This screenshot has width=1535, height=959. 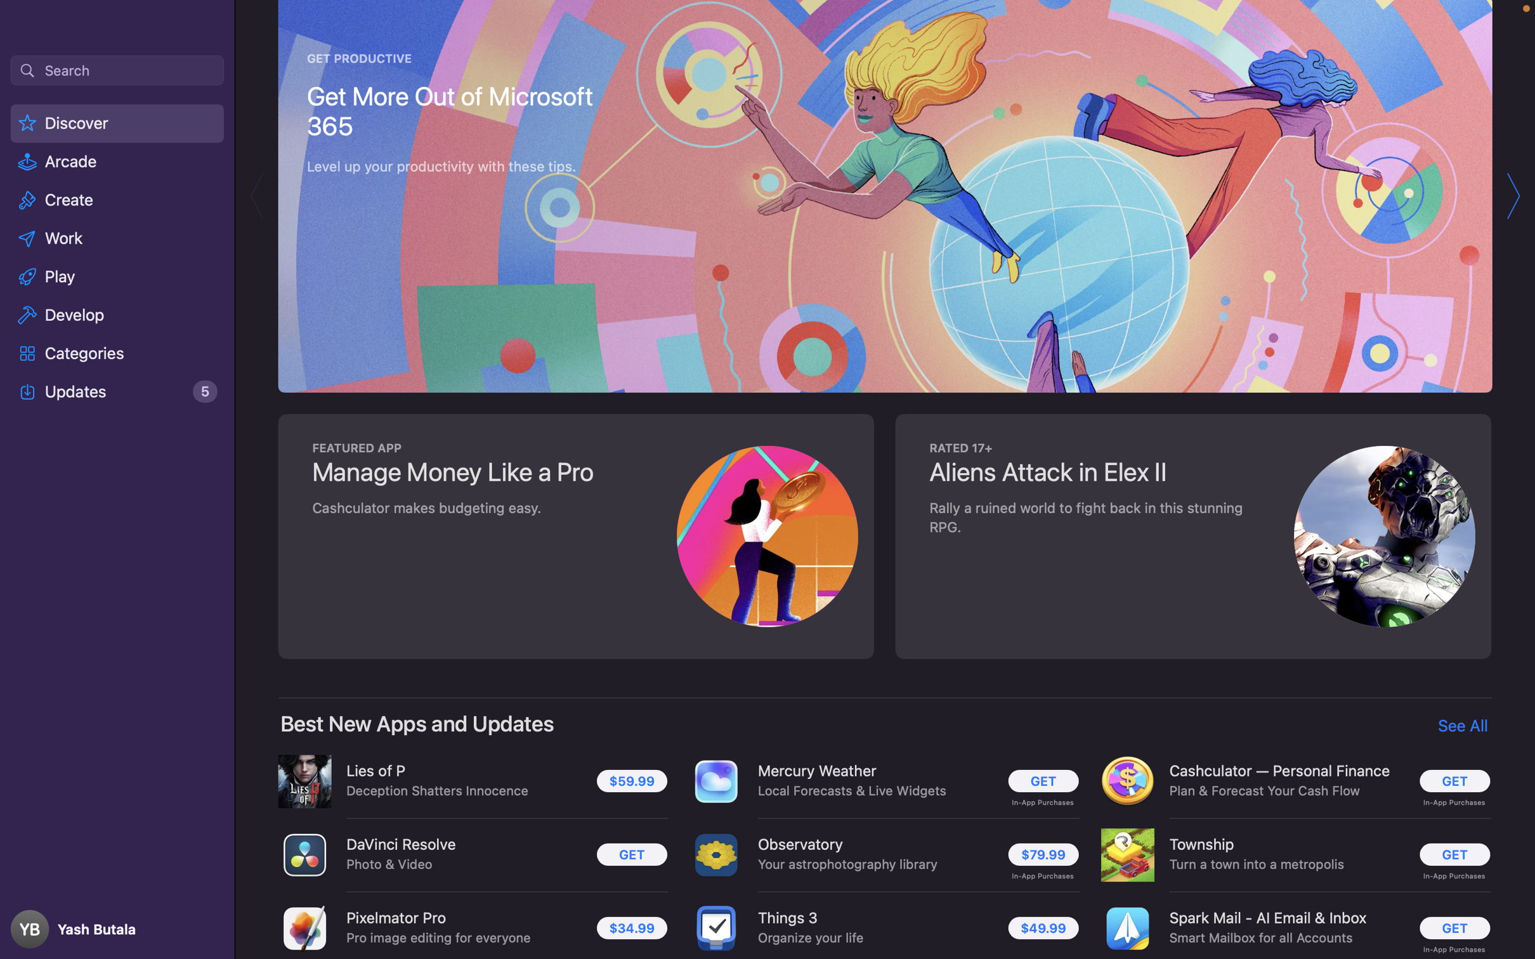 What do you see at coordinates (117, 237) in the screenshot?
I see `work category applications for Mac` at bounding box center [117, 237].